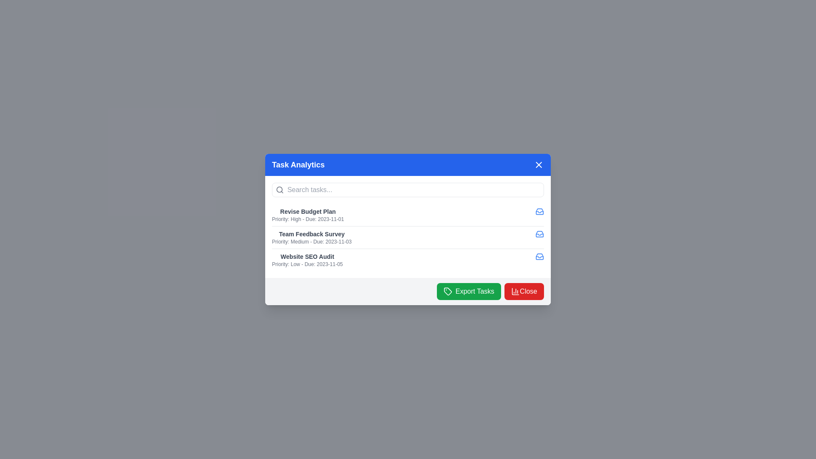 This screenshot has width=816, height=459. I want to click on the text label that reads 'Priority: High - Due: 2023-11-01', which is located beneath the title 'Revise Budget Plan' in the task management interface, so click(307, 219).